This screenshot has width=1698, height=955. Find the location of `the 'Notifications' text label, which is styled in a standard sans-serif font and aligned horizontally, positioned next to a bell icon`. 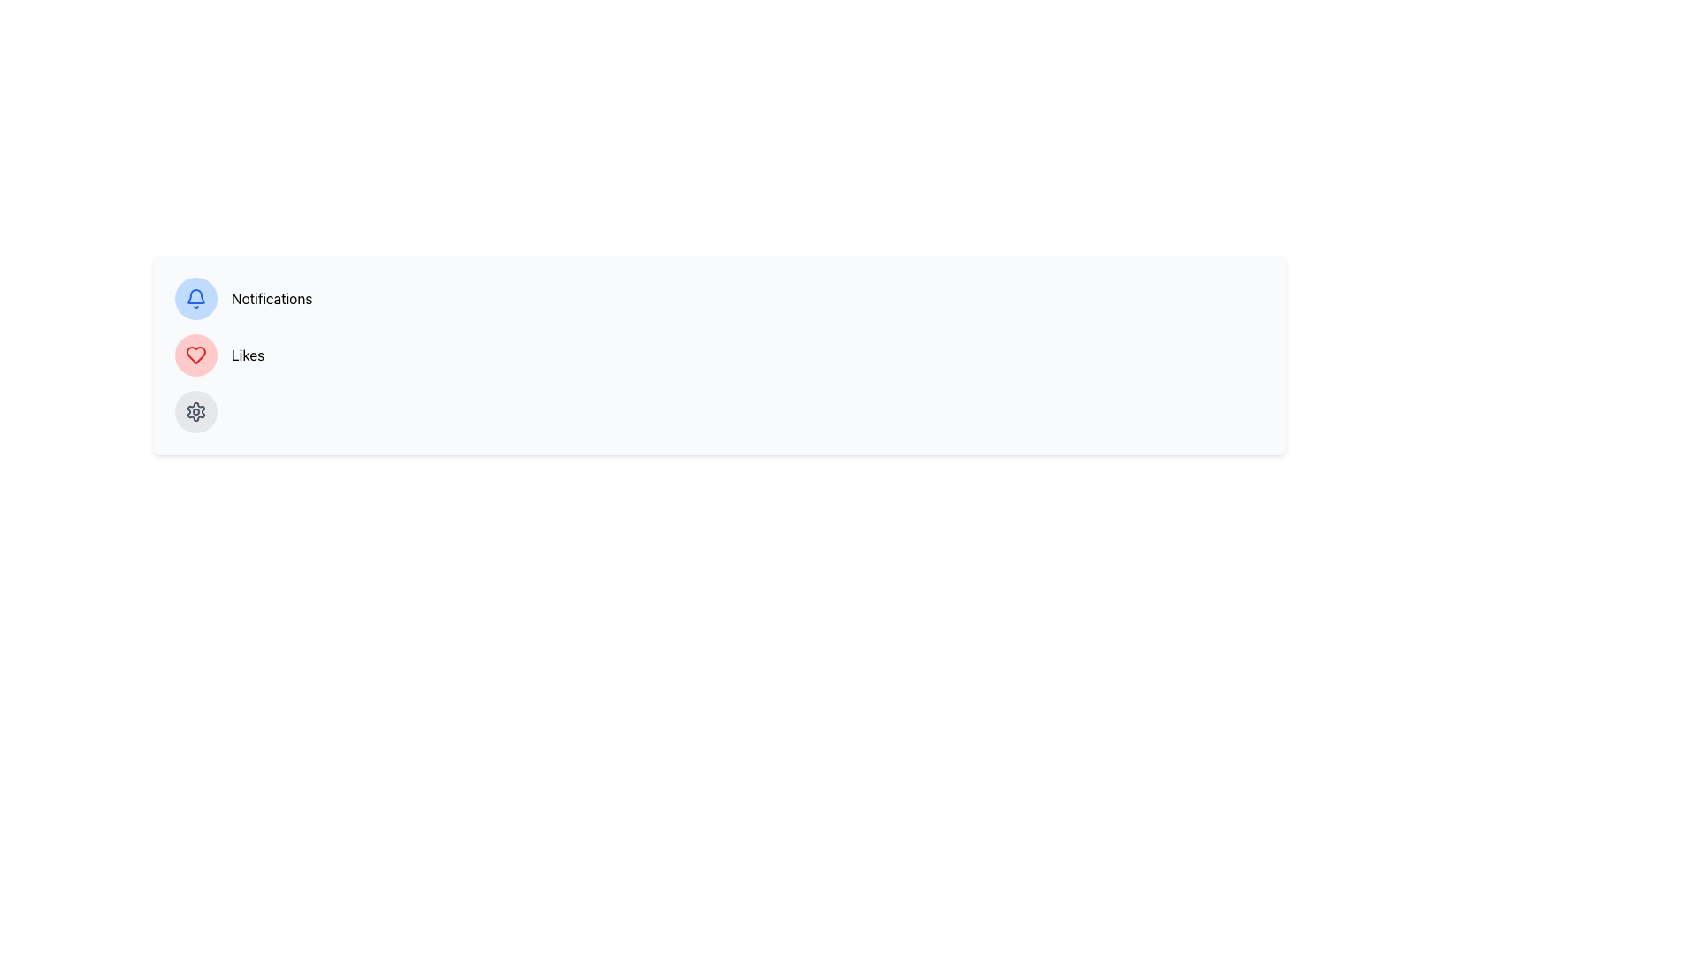

the 'Notifications' text label, which is styled in a standard sans-serif font and aligned horizontally, positioned next to a bell icon is located at coordinates (271, 298).